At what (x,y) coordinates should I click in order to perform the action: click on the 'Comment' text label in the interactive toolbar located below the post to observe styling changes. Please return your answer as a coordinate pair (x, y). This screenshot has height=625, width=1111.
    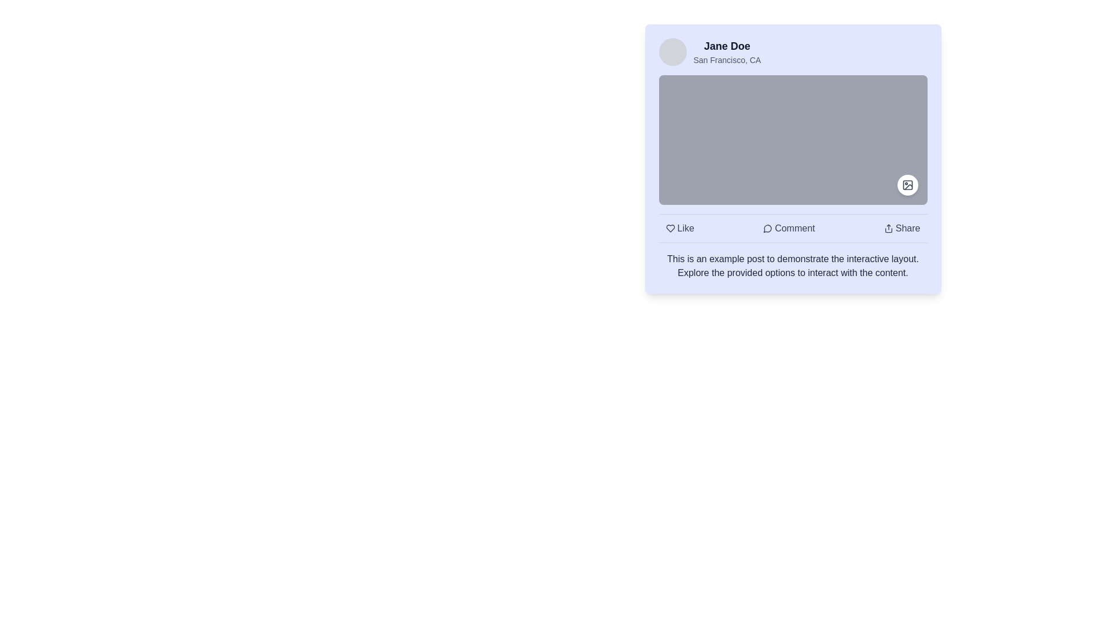
    Looking at the image, I should click on (794, 228).